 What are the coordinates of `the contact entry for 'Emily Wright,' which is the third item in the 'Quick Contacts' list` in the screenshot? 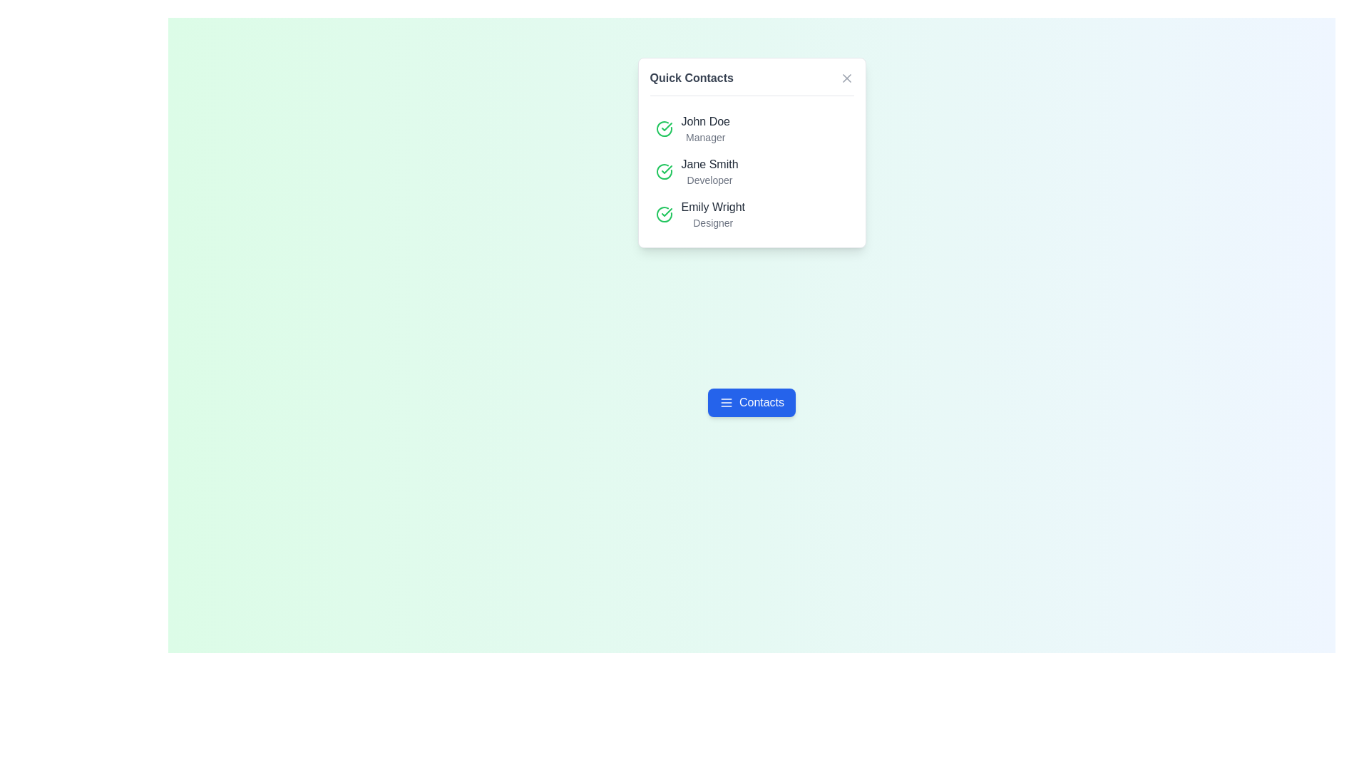 It's located at (751, 214).